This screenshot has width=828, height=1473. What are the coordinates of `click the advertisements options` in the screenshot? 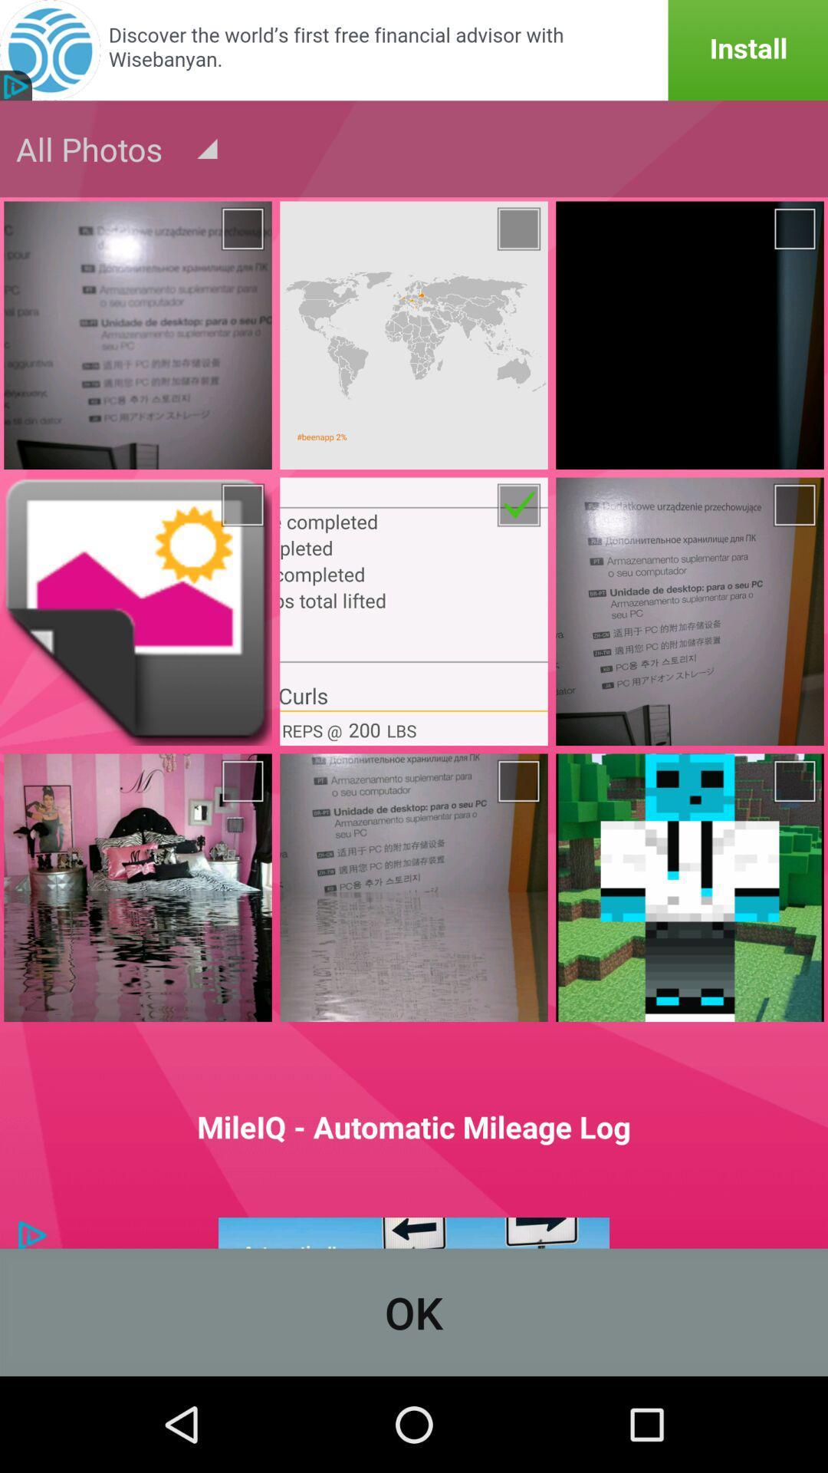 It's located at (414, 1233).